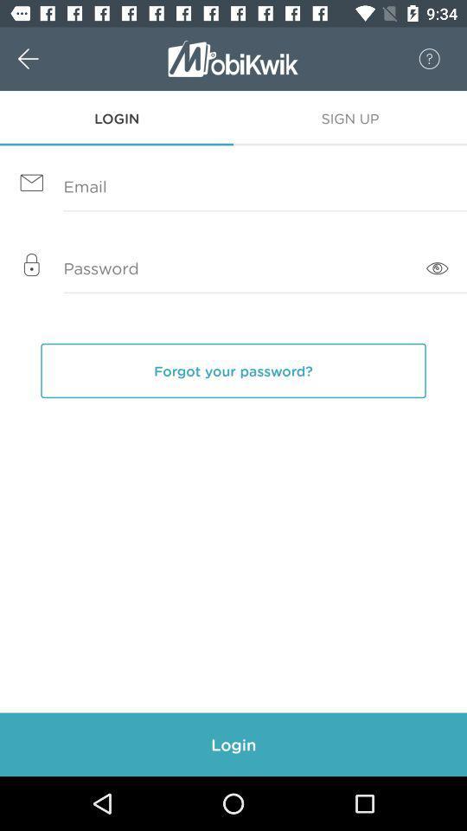 The image size is (467, 831). I want to click on the visibility icon, so click(436, 268).